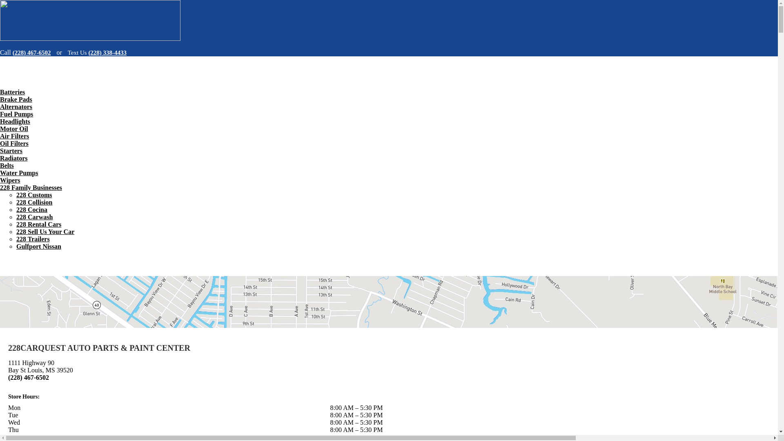  What do you see at coordinates (19, 172) in the screenshot?
I see `'Water Pumps'` at bounding box center [19, 172].